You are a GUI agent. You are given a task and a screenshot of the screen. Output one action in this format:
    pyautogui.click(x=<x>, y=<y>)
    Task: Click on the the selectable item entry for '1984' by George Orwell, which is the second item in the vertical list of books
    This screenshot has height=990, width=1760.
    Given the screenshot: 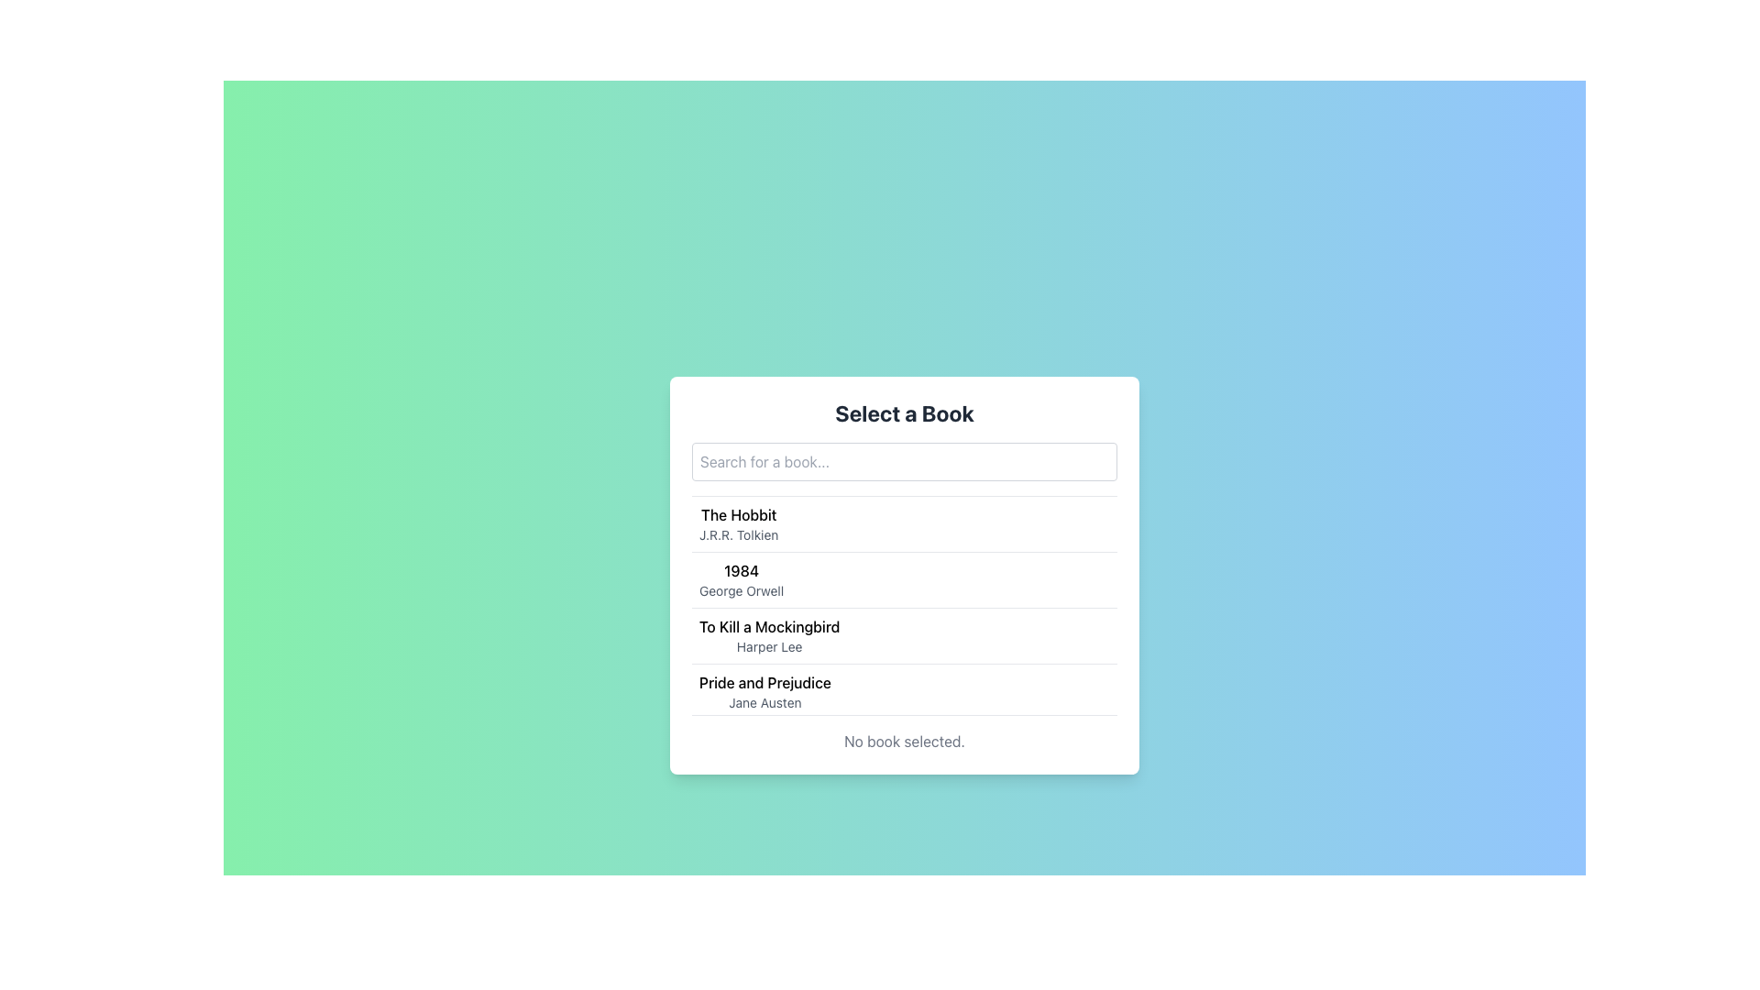 What is the action you would take?
    pyautogui.click(x=742, y=579)
    